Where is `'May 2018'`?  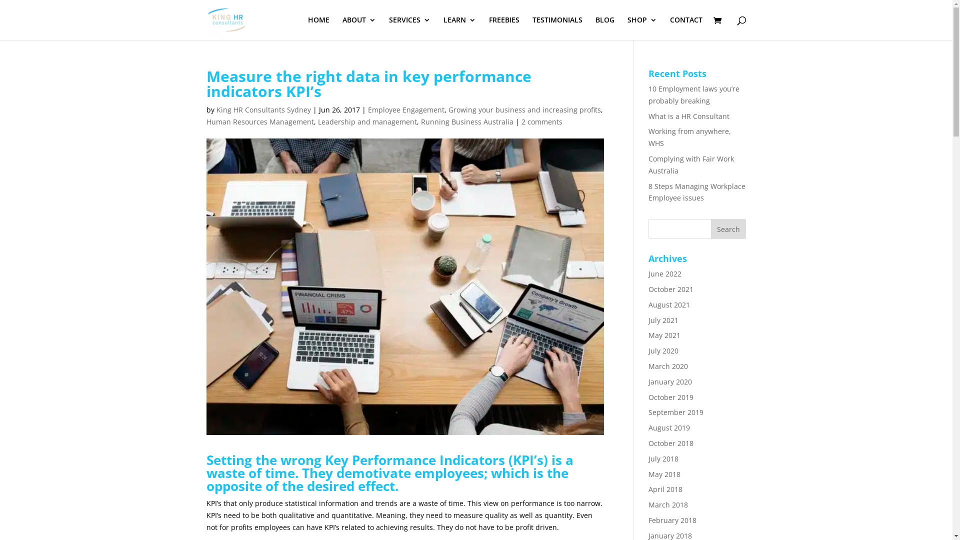 'May 2018' is located at coordinates (664, 473).